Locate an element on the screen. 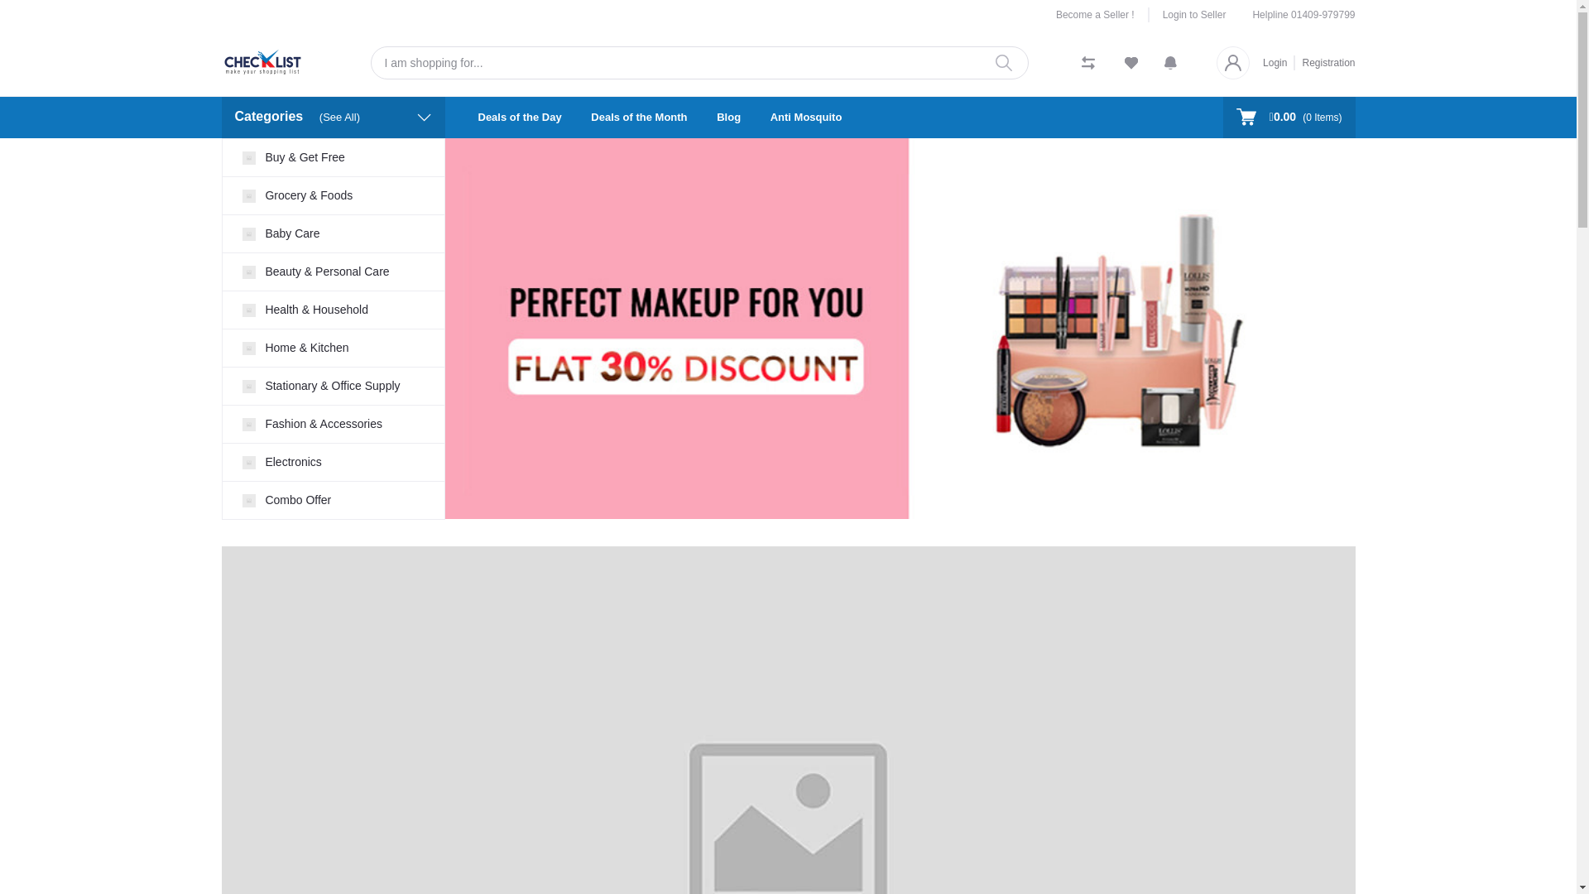  'Blog' is located at coordinates (728, 117).